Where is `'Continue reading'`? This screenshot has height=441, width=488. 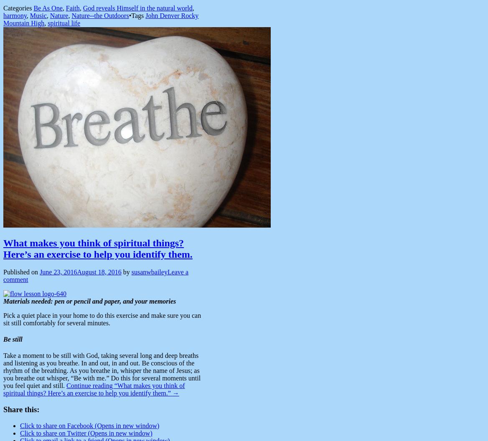 'Continue reading' is located at coordinates (90, 385).